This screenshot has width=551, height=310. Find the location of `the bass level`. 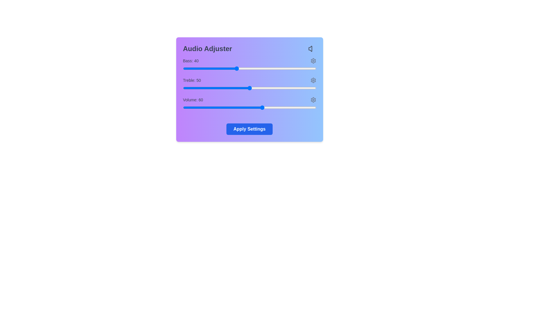

the bass level is located at coordinates (191, 68).